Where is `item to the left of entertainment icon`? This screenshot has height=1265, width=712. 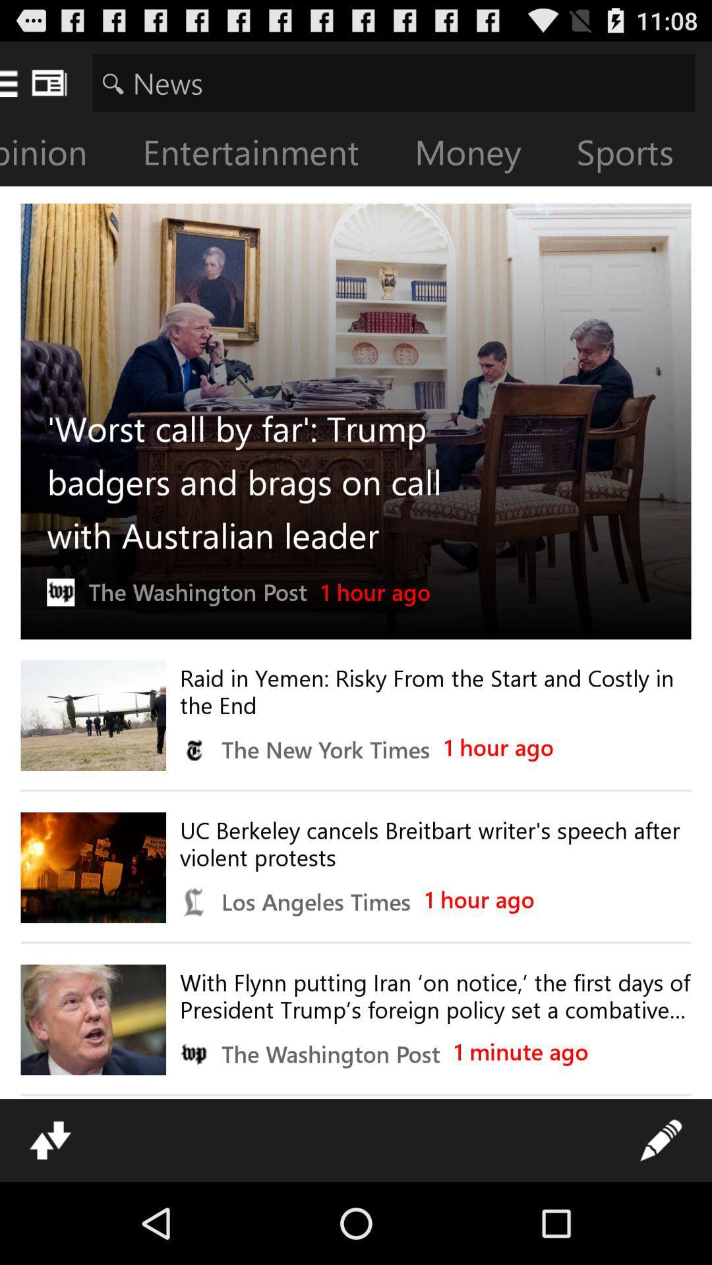 item to the left of entertainment icon is located at coordinates (63, 155).